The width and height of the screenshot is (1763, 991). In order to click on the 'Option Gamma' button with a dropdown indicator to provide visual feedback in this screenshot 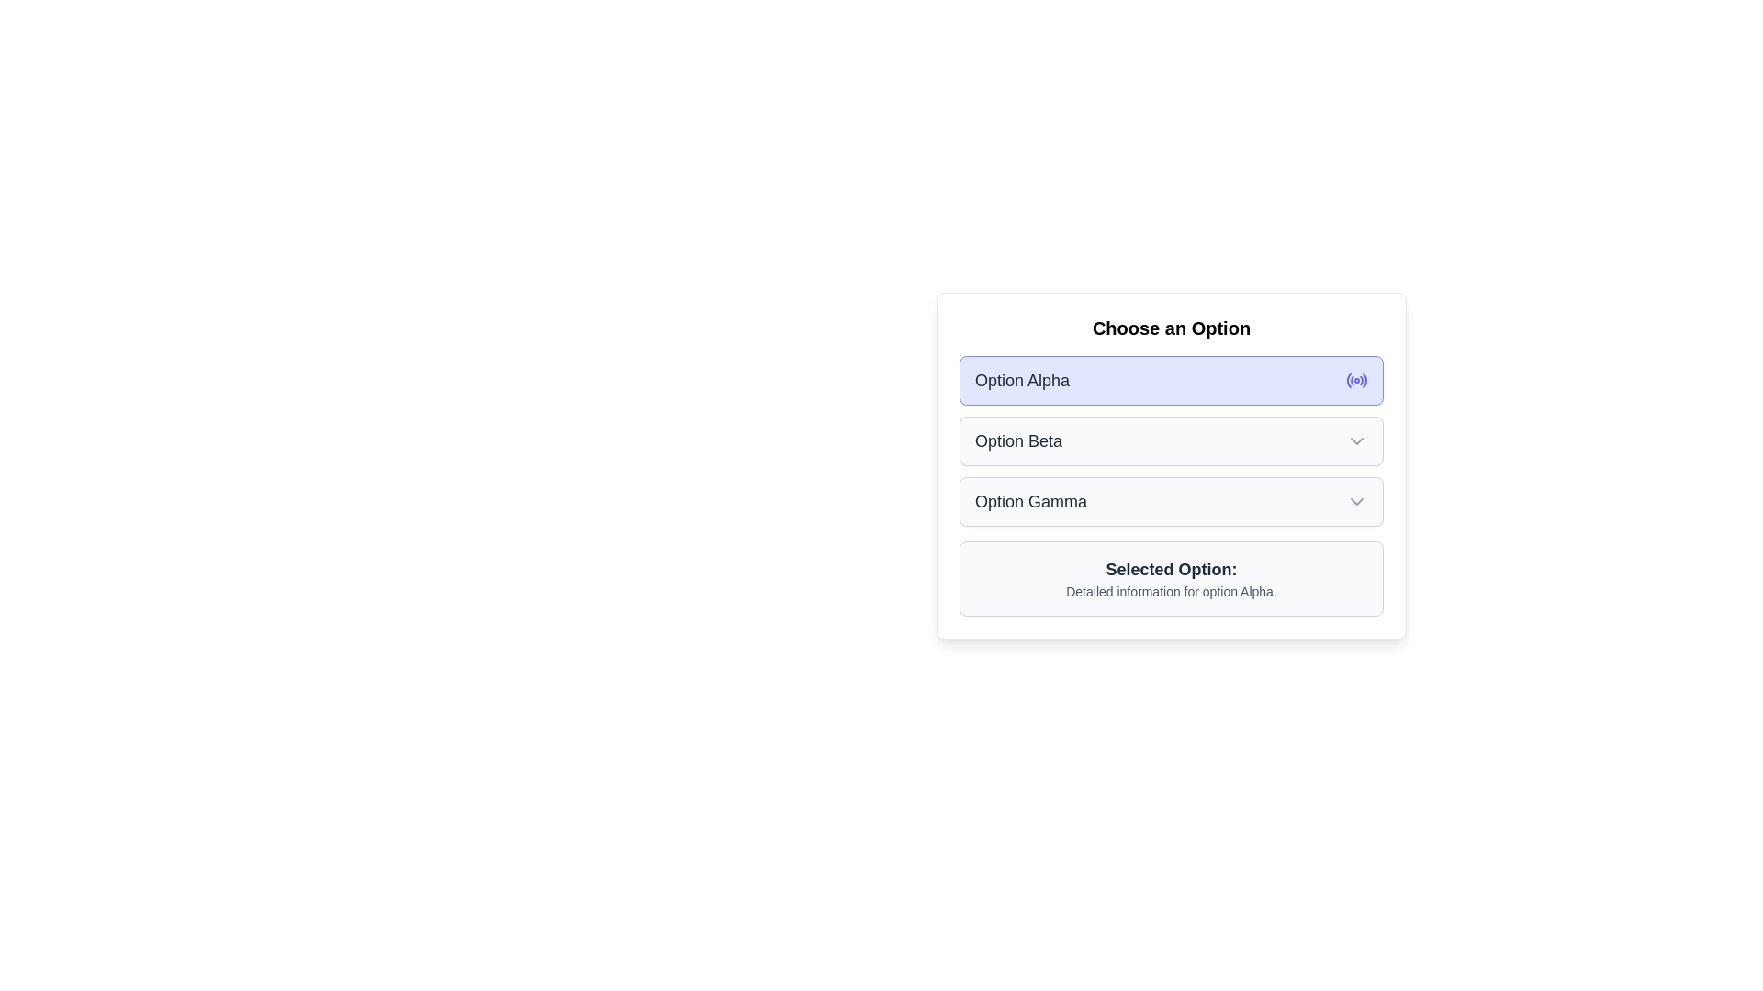, I will do `click(1171, 502)`.